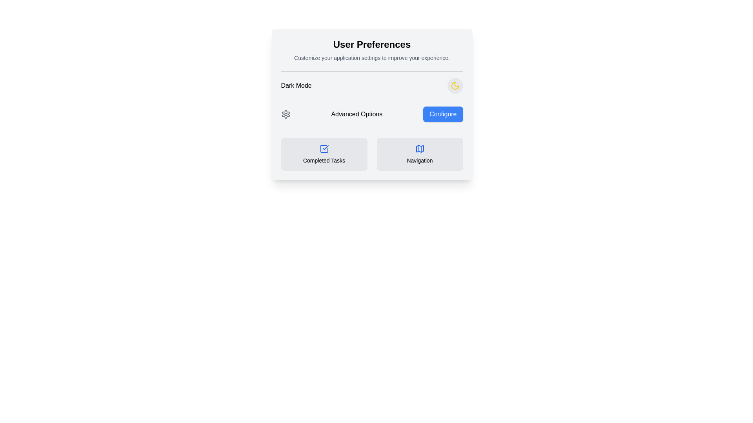  Describe the element at coordinates (419, 154) in the screenshot. I see `the second button-like card in the 'User Preferences' section` at that location.